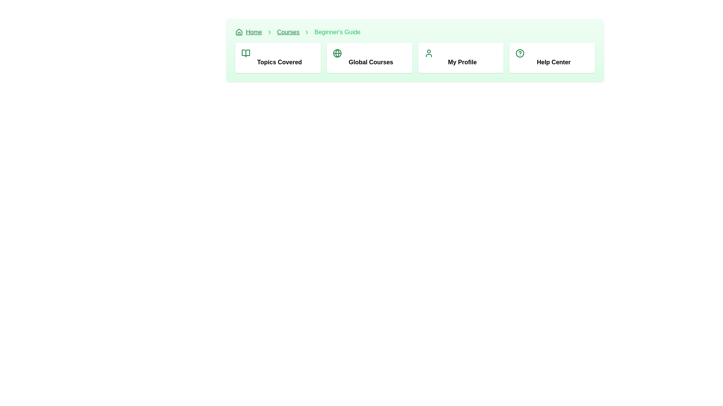 Image resolution: width=723 pixels, height=406 pixels. Describe the element at coordinates (238, 32) in the screenshot. I see `the home icon in the breadcrumb navigation bar` at that location.